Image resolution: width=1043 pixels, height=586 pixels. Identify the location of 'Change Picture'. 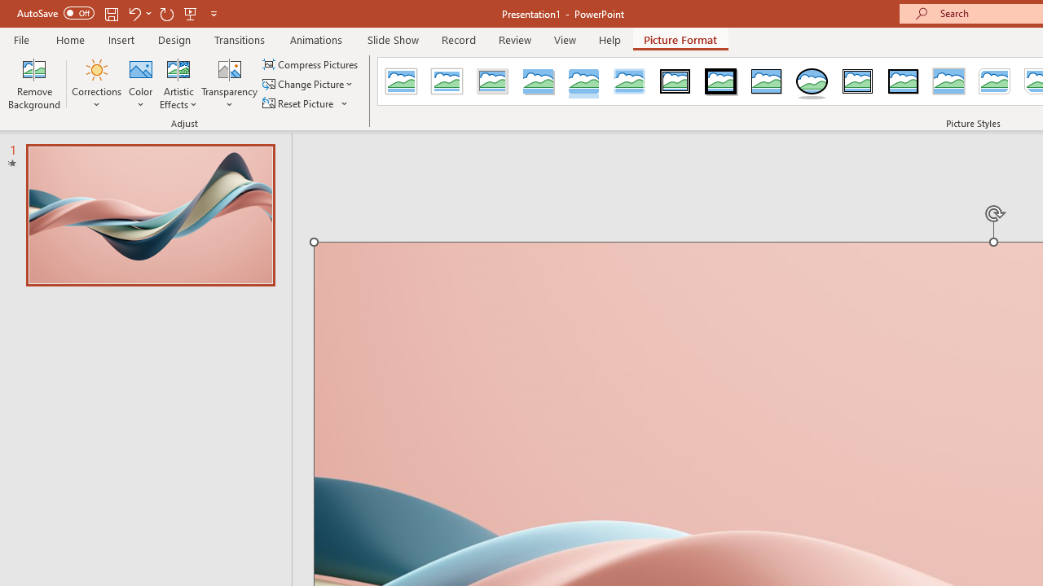
(309, 84).